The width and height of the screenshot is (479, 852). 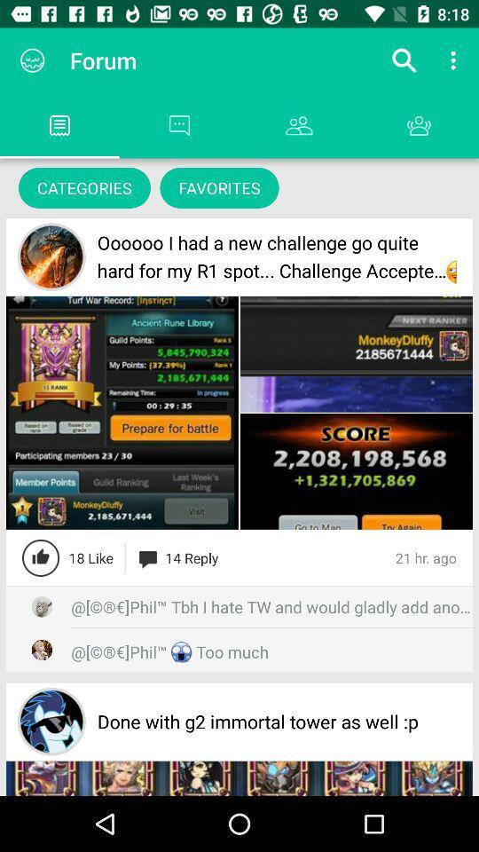 What do you see at coordinates (32, 60) in the screenshot?
I see `item next to forum` at bounding box center [32, 60].